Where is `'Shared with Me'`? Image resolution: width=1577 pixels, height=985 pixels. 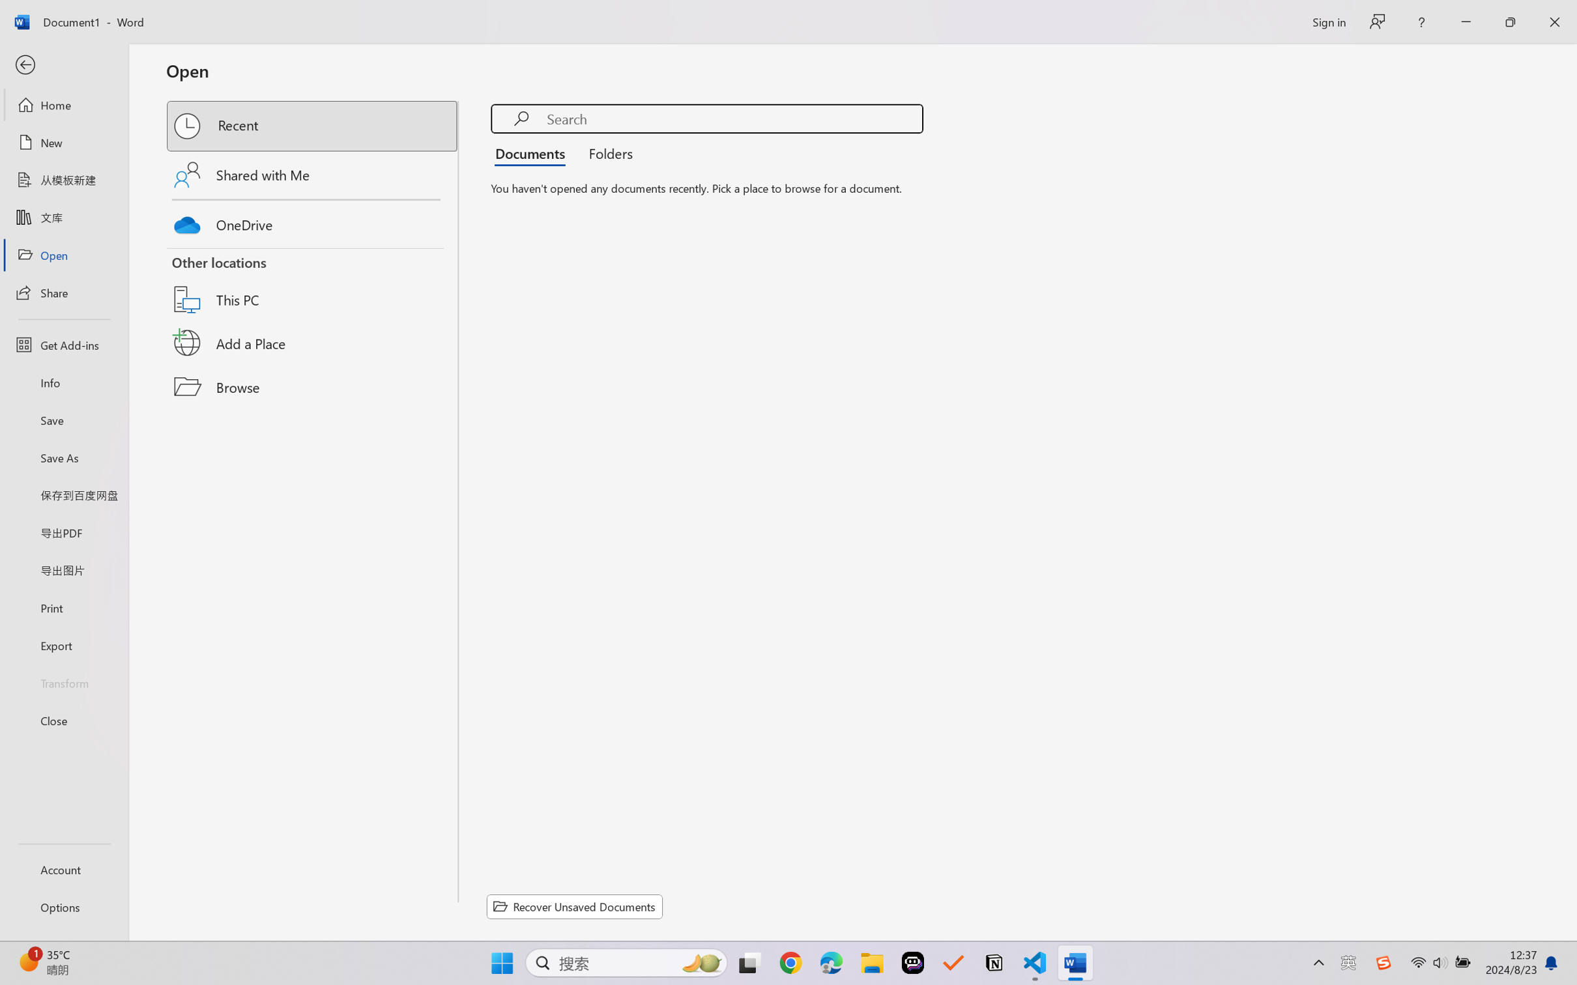 'Shared with Me' is located at coordinates (313, 174).